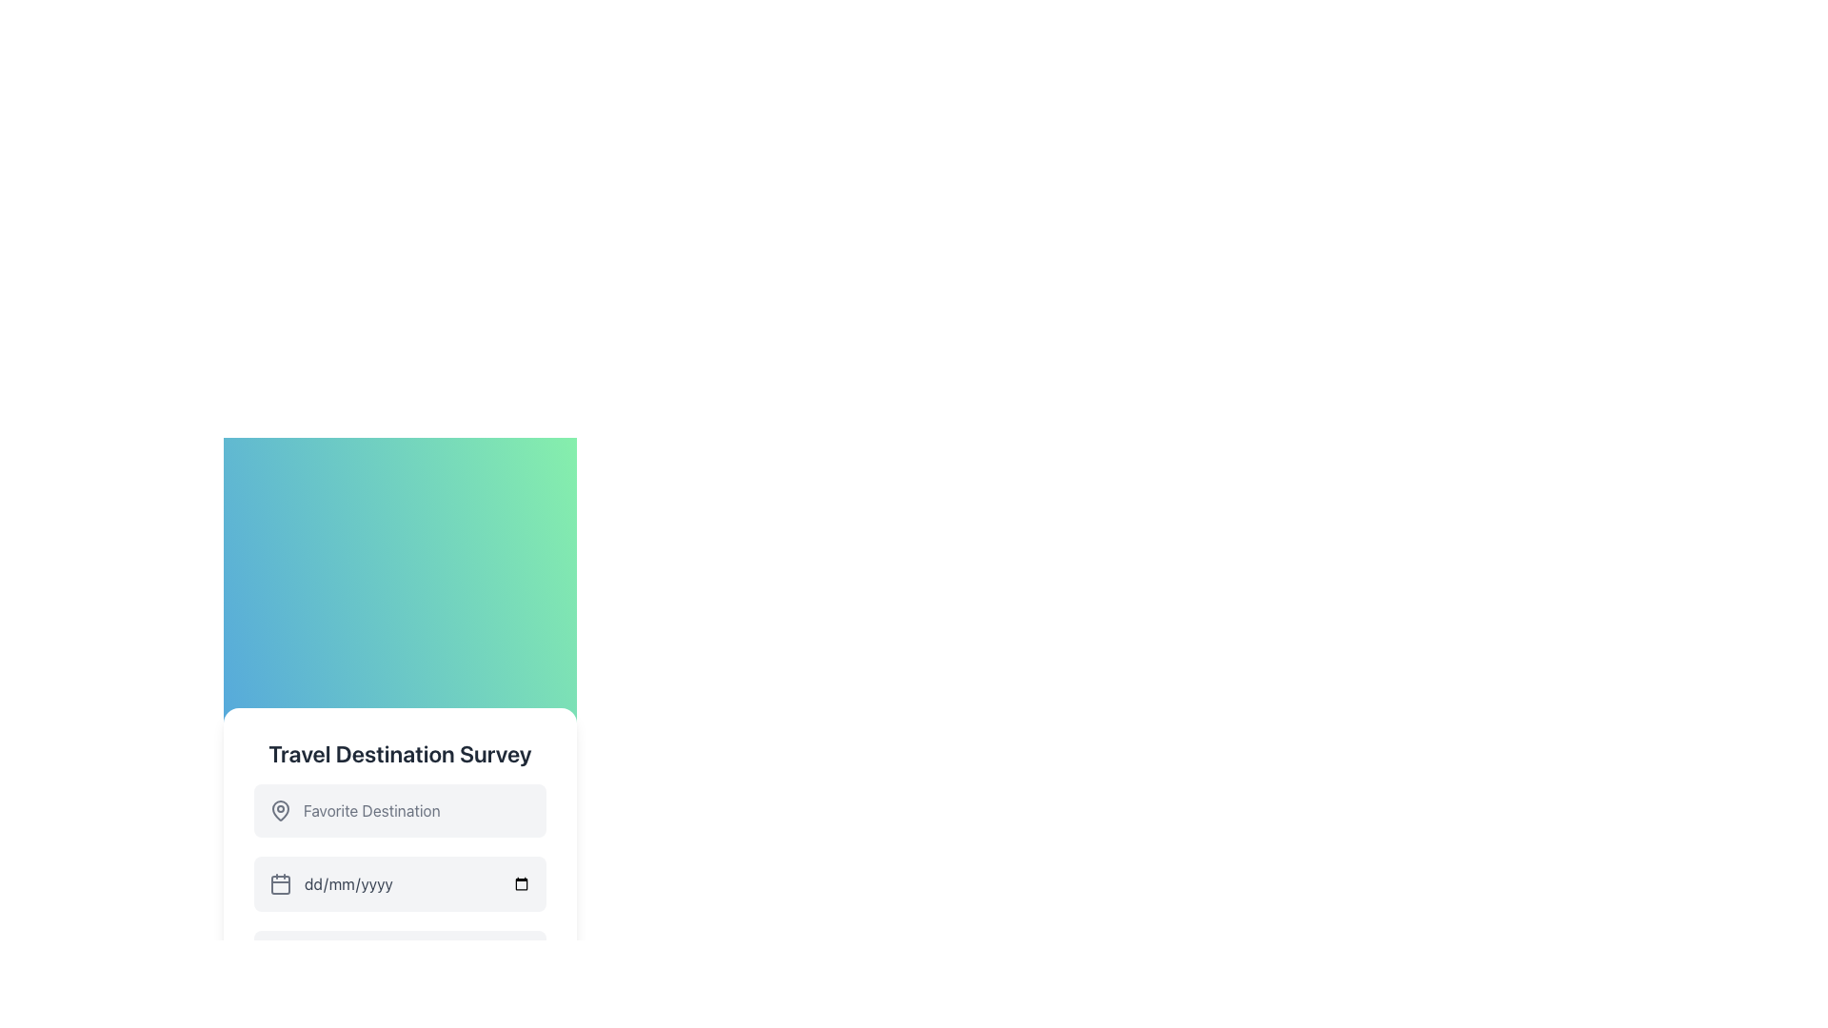  Describe the element at coordinates (279, 884) in the screenshot. I see `the small rounded rectangle within the calendar icon located in the date selection input field of the survey form` at that location.